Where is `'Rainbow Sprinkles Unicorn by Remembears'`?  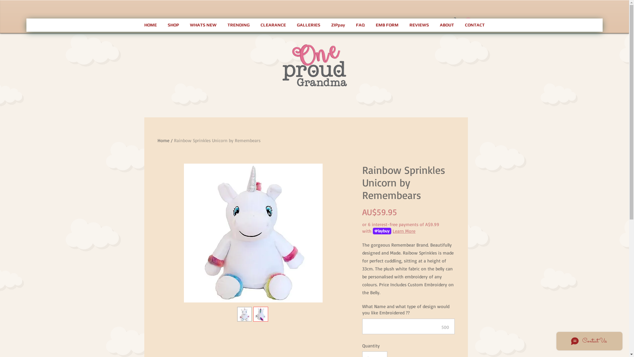
'Rainbow Sprinkles Unicorn by Remembears' is located at coordinates (174, 140).